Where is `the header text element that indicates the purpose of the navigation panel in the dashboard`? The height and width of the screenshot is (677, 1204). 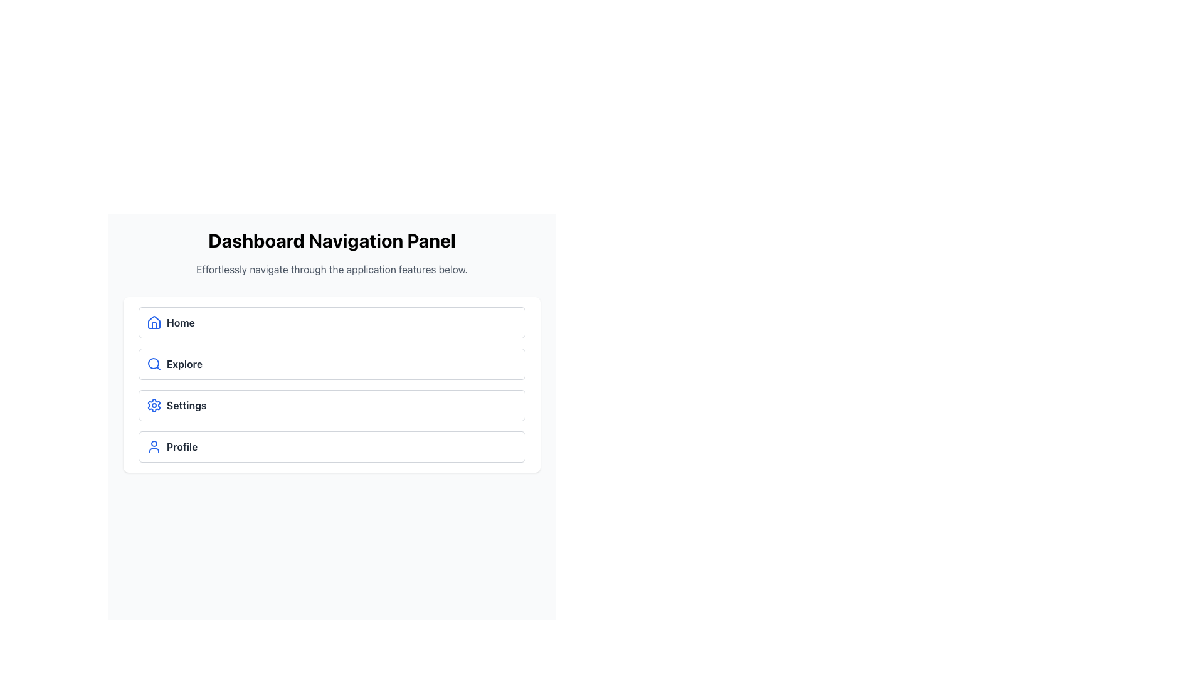
the header text element that indicates the purpose of the navigation panel in the dashboard is located at coordinates (332, 241).